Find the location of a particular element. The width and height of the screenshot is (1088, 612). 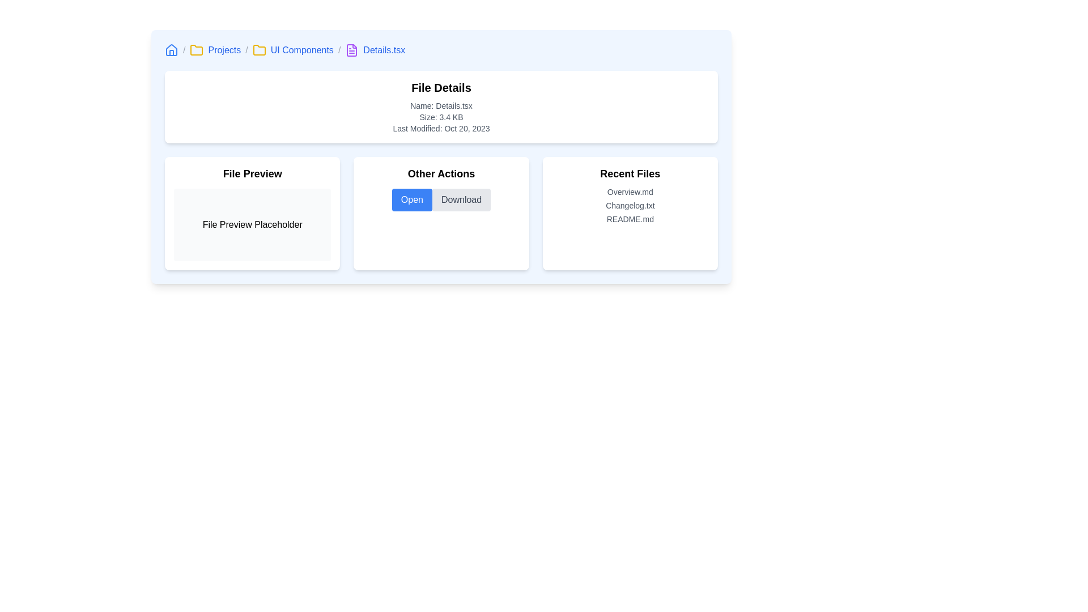

text of the bolded label 'Recent Files' located in the rightmost card of the three-card layout, positioned above the list of filenames is located at coordinates (630, 174).